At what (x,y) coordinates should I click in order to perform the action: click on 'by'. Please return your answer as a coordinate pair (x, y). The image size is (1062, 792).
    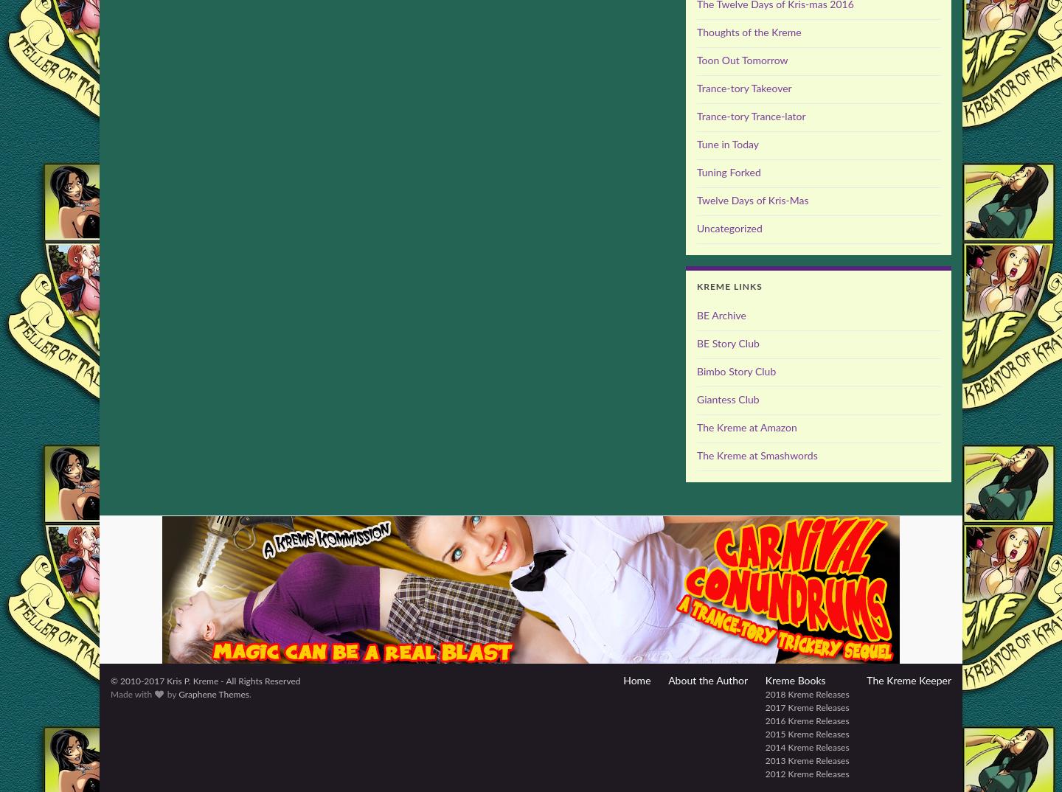
    Looking at the image, I should click on (171, 695).